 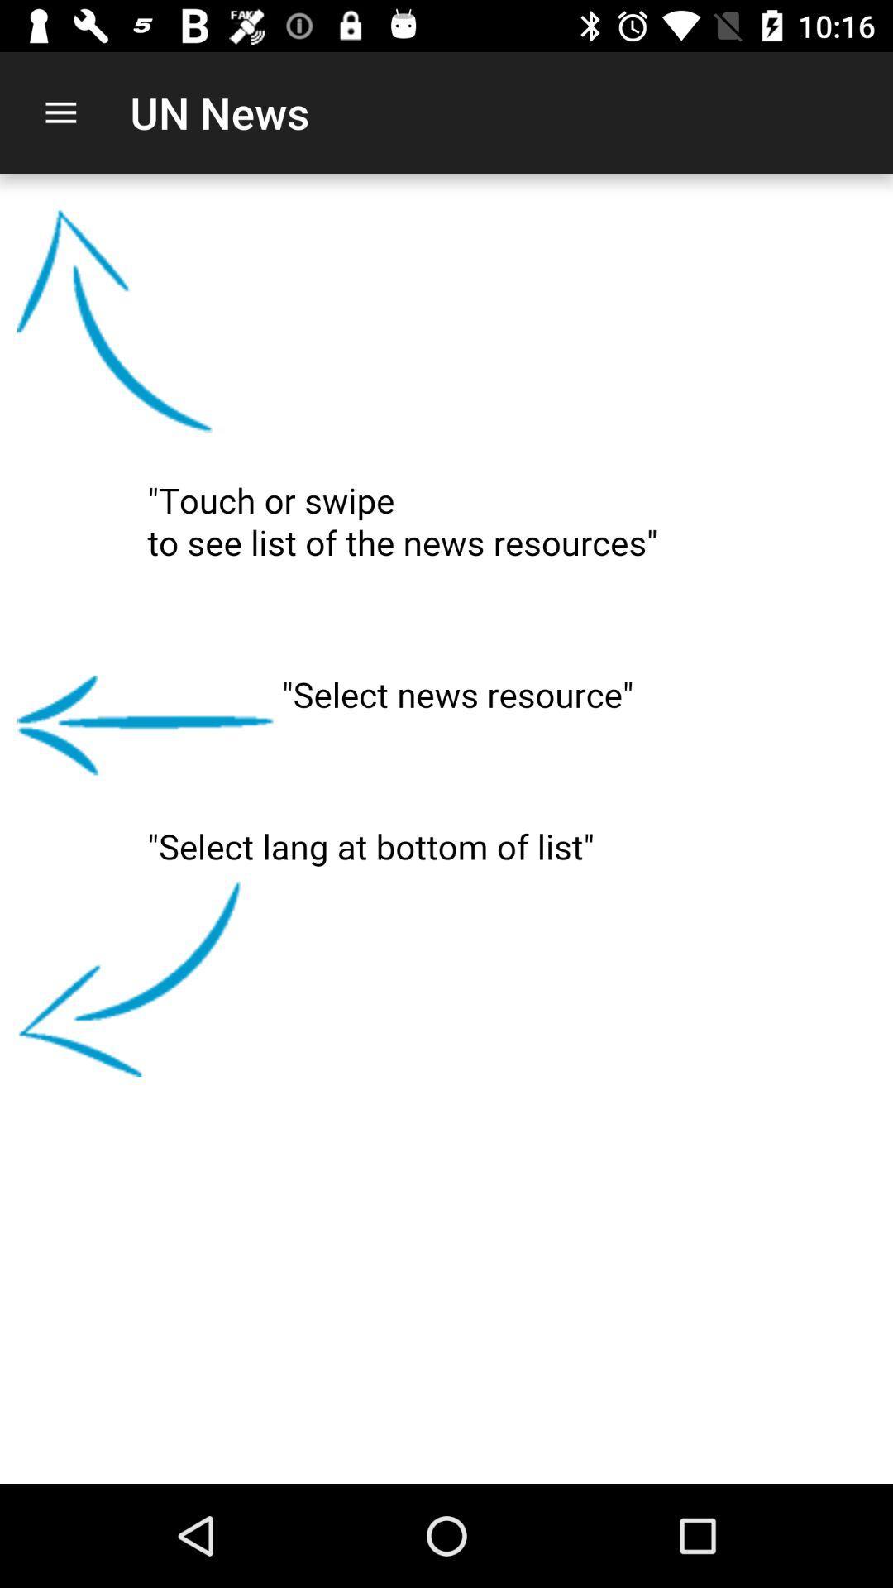 I want to click on the icon to the left of the un news, so click(x=60, y=112).